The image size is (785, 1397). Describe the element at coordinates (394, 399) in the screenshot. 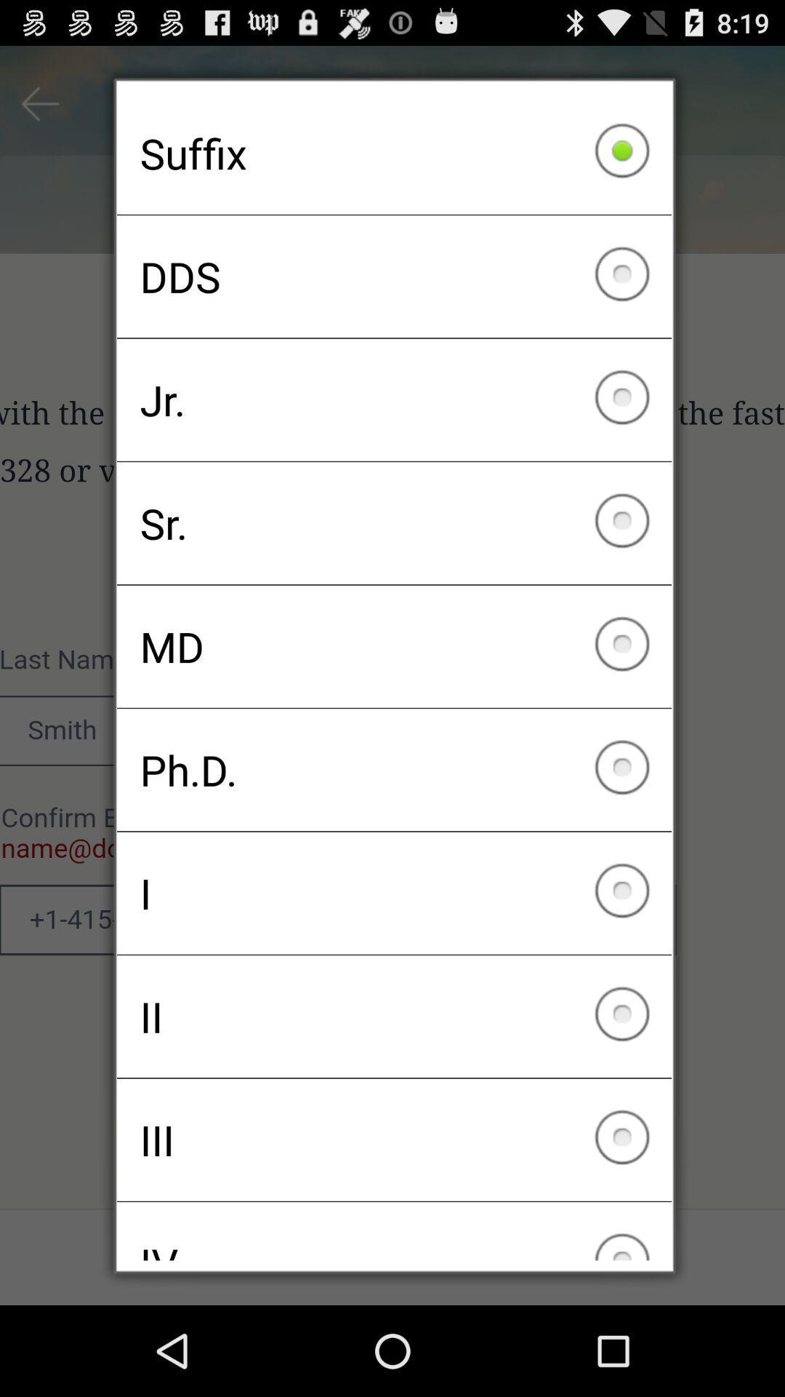

I see `the icon above the sr. icon` at that location.